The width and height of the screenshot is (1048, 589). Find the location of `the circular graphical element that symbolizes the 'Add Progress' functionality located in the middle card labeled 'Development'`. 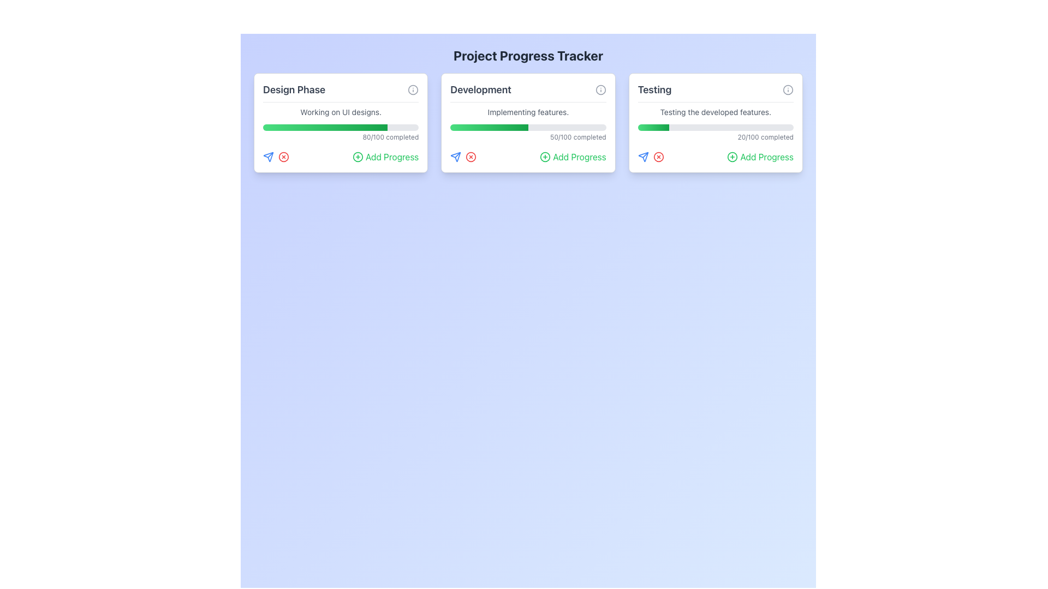

the circular graphical element that symbolizes the 'Add Progress' functionality located in the middle card labeled 'Development' is located at coordinates (545, 157).